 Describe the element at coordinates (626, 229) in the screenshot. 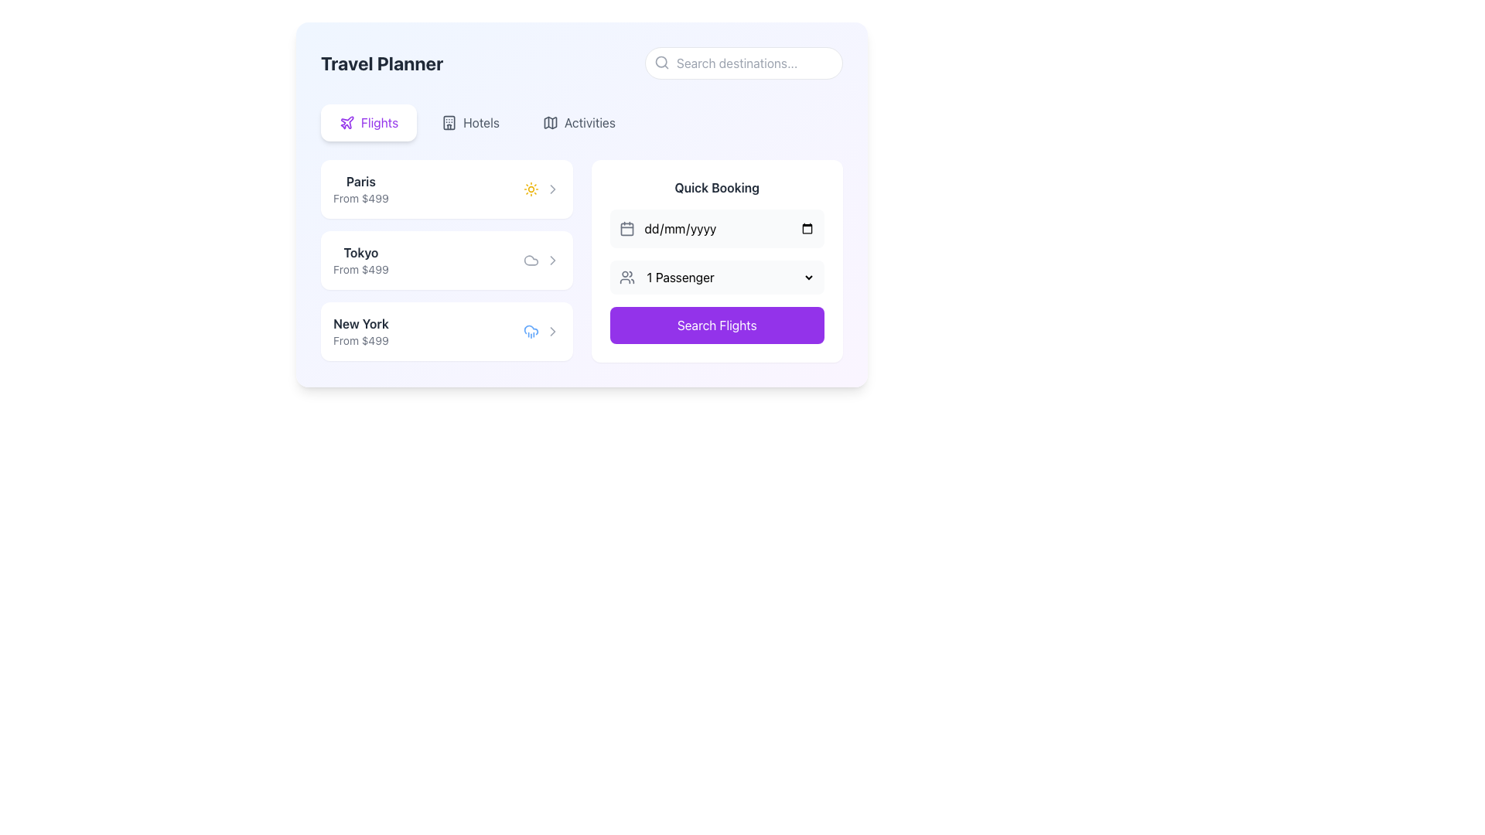

I see `the calendar icon, which is a square with rounded corners located to the left of the date input box and above the passenger selection dropdown` at that location.